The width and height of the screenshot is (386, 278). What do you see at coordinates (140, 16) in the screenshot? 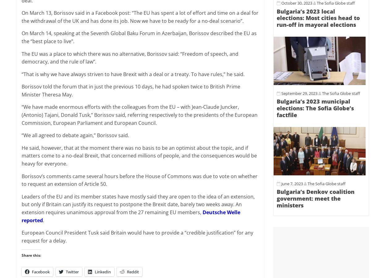
I see `'On March 13, Borissov said in a Facebook post: “The EU has spent a lot of effort and time on a deal for the withdrawal of the UK and has done its job. Now we have to be ready for a no-deal scenario”.'` at bounding box center [140, 16].